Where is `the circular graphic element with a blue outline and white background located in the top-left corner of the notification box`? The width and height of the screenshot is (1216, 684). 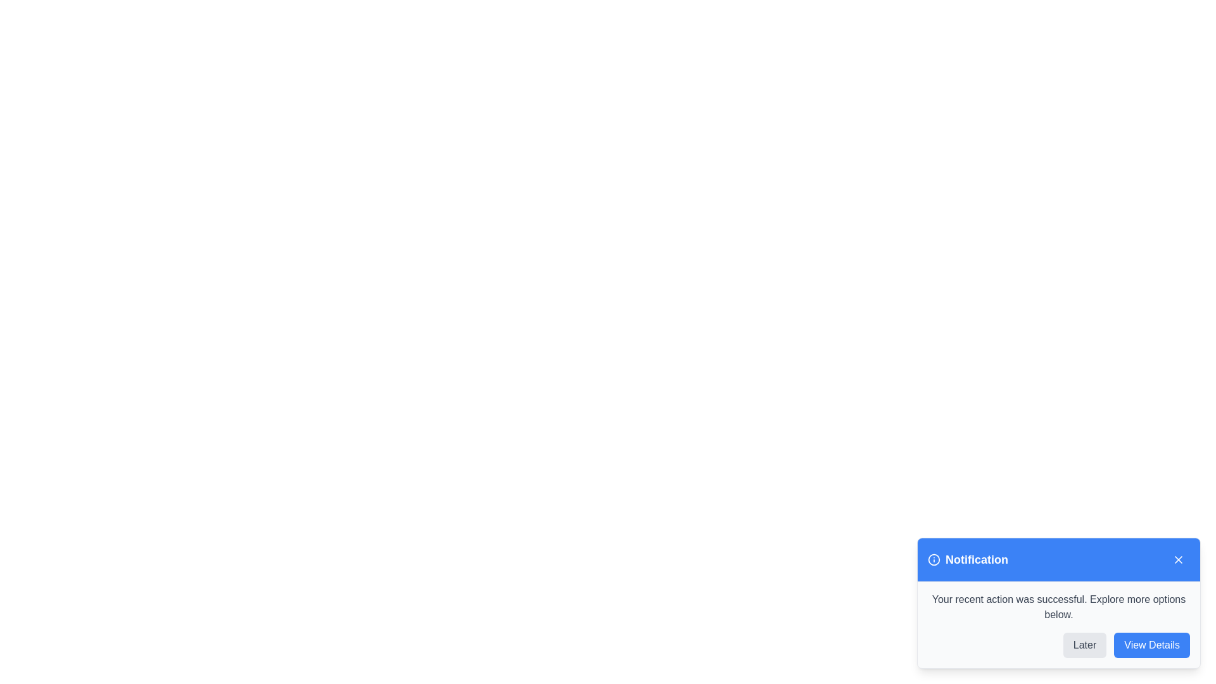
the circular graphic element with a blue outline and white background located in the top-left corner of the notification box is located at coordinates (934, 559).